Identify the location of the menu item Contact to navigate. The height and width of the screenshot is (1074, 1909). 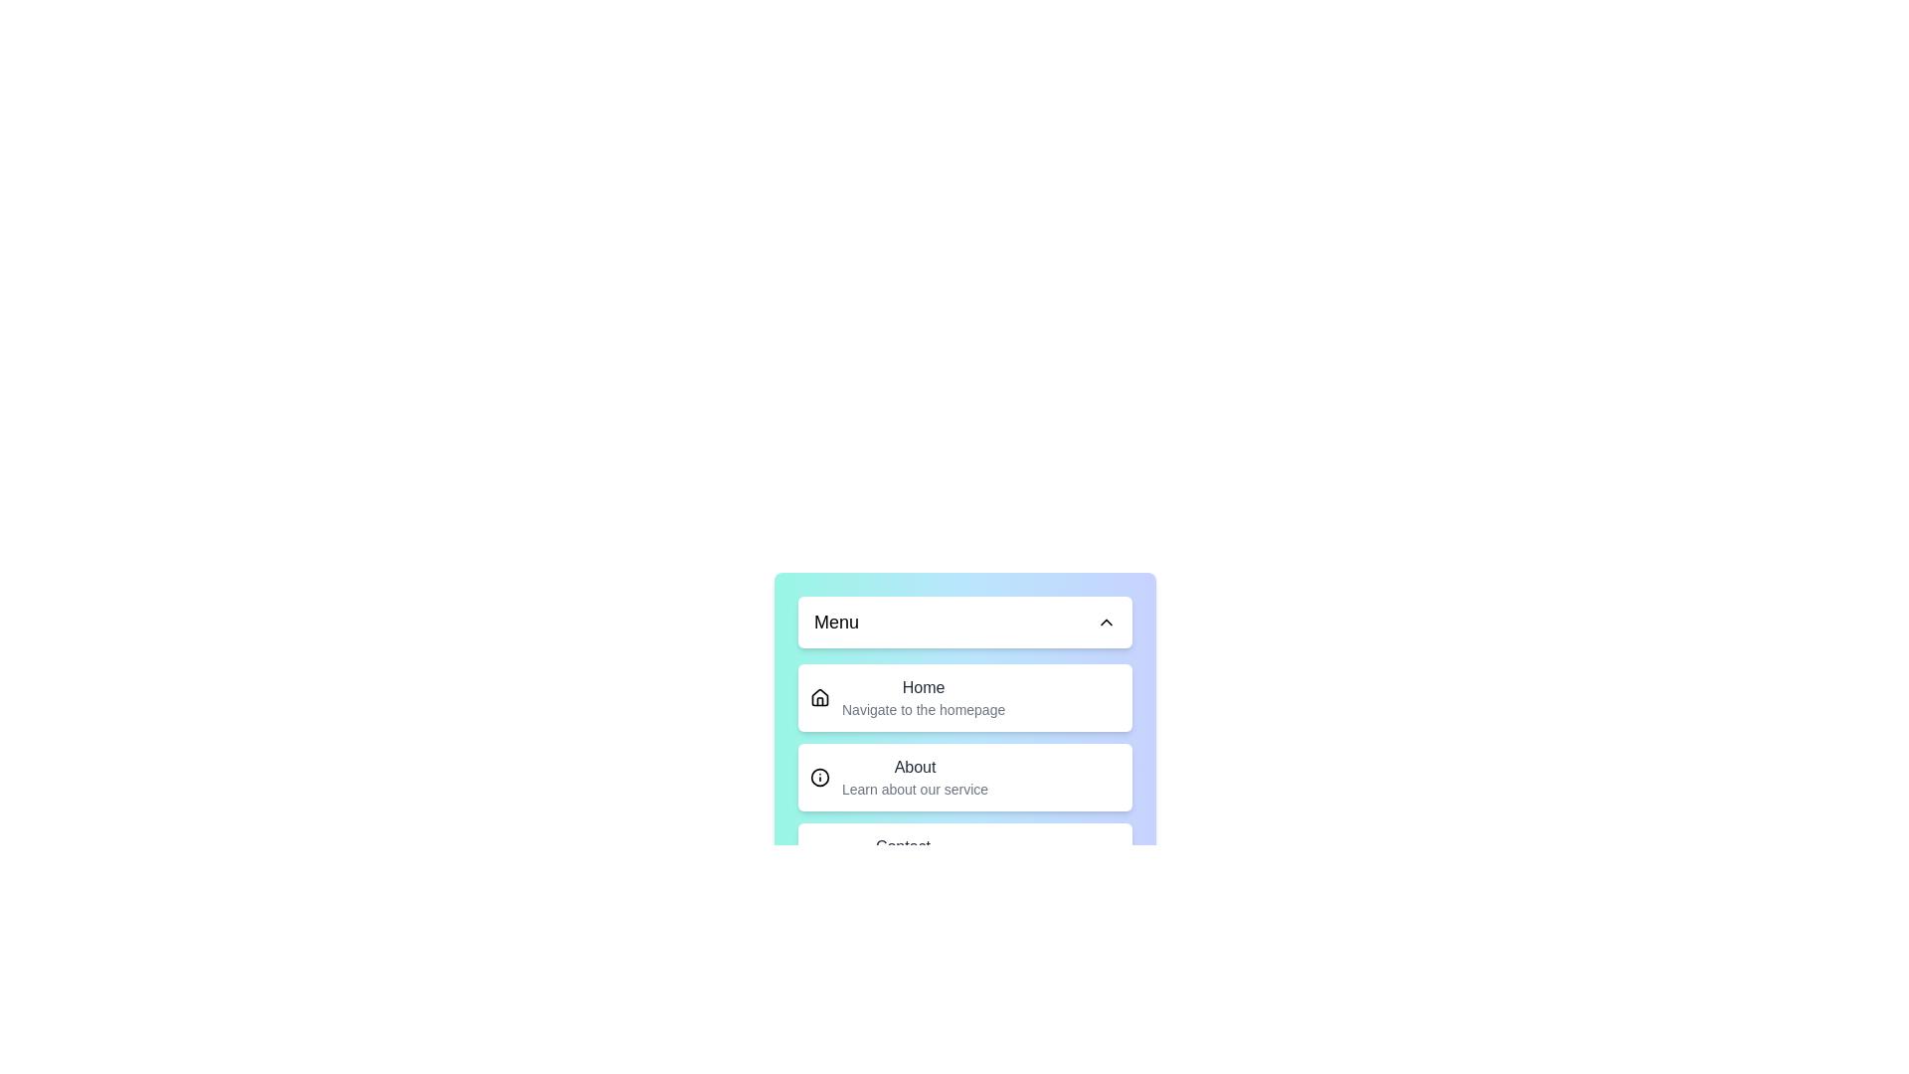
(964, 855).